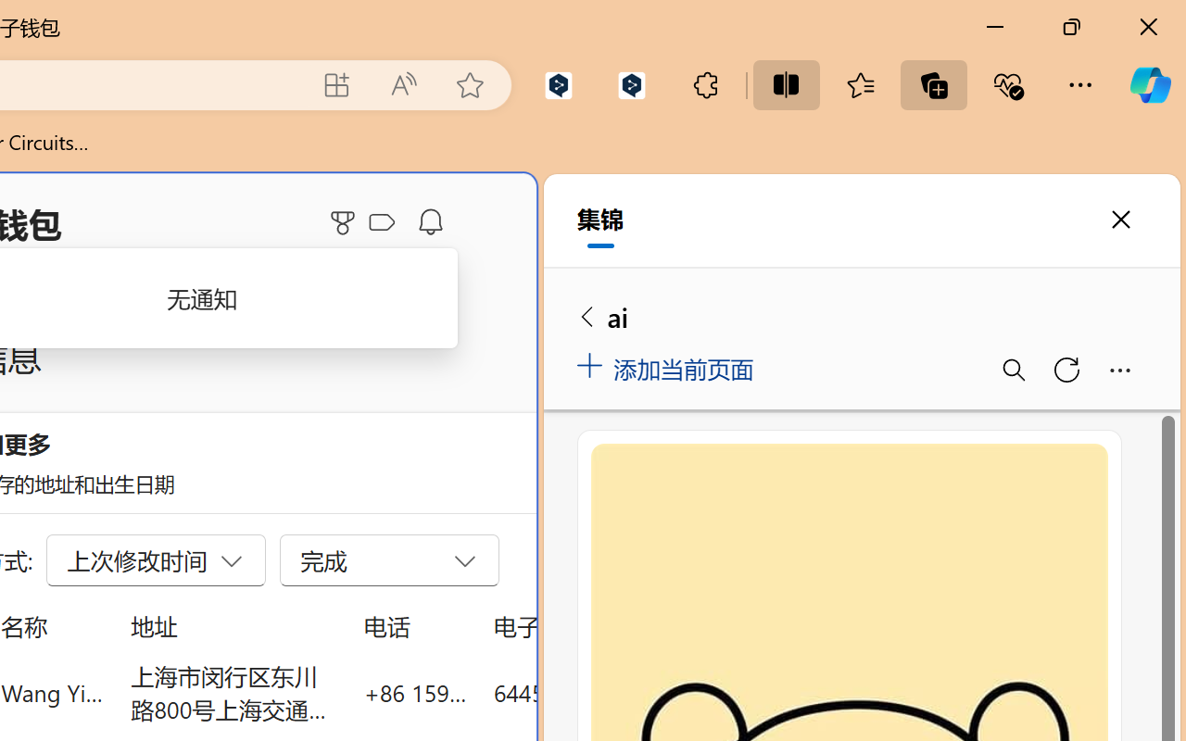 The image size is (1186, 741). What do you see at coordinates (414, 692) in the screenshot?
I see `'+86 159 0032 4640'` at bounding box center [414, 692].